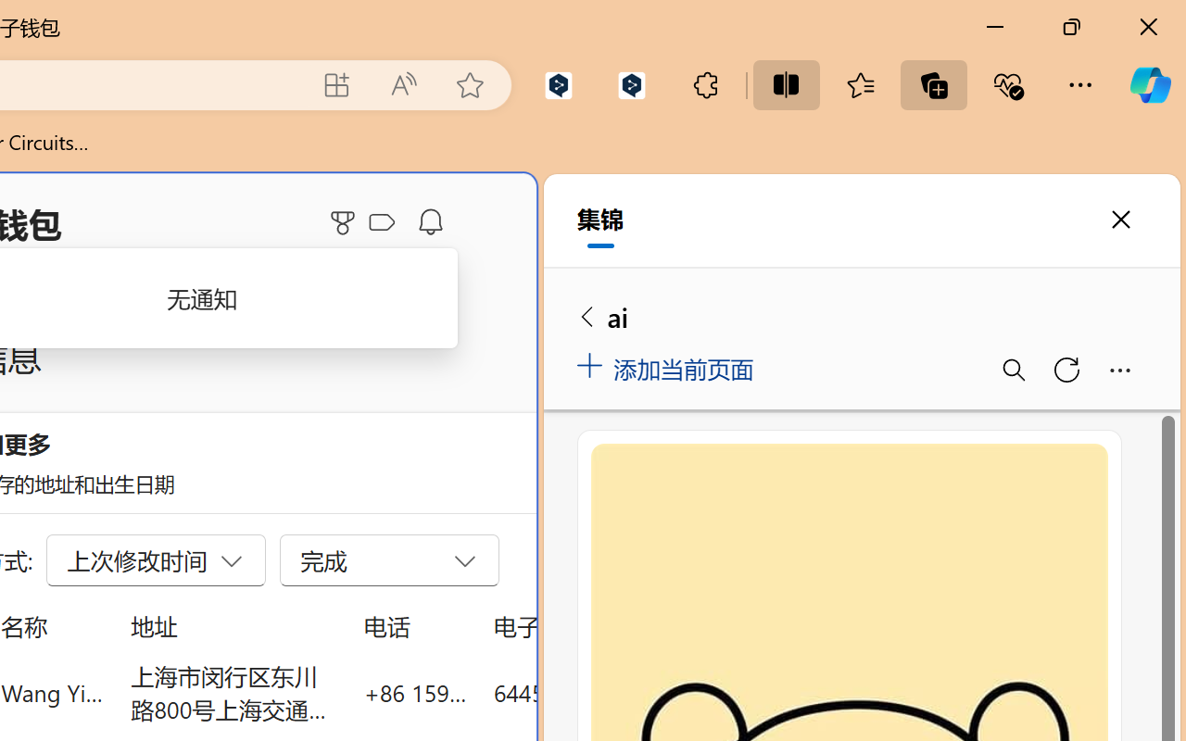 The image size is (1186, 741). What do you see at coordinates (414, 692) in the screenshot?
I see `'+86 159 0032 4640'` at bounding box center [414, 692].